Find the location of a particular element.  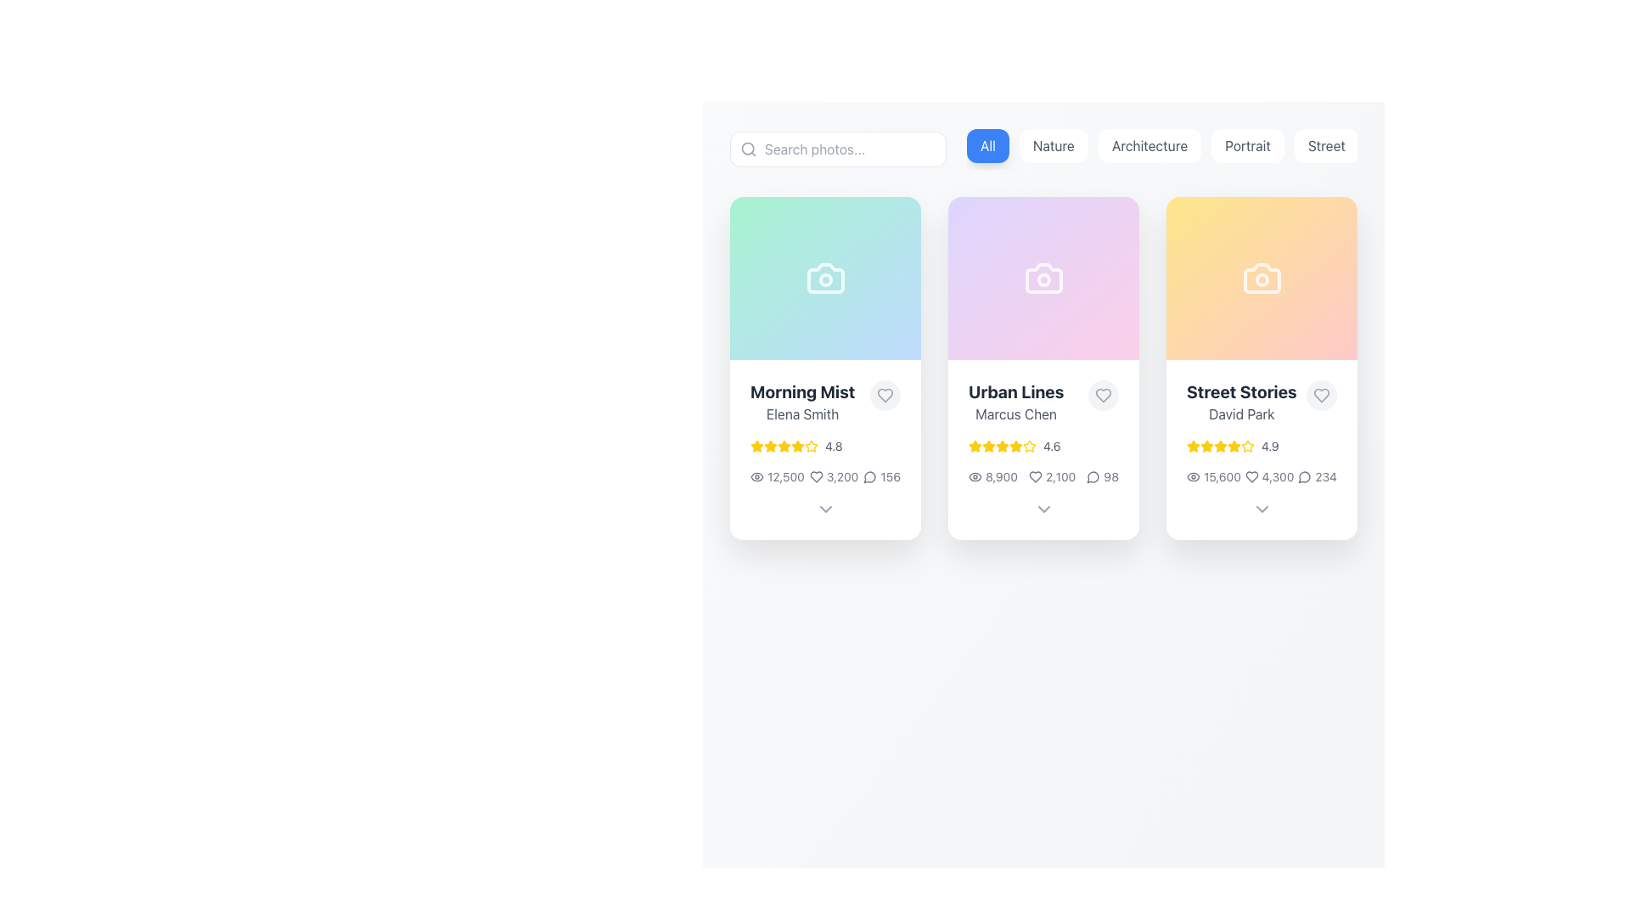

the text block containing 'Morning Mist' and 'Elena Smith' which is located in the bottom-left section of the first card in a row of three, positioned below a placeholder image icon is located at coordinates (801, 402).